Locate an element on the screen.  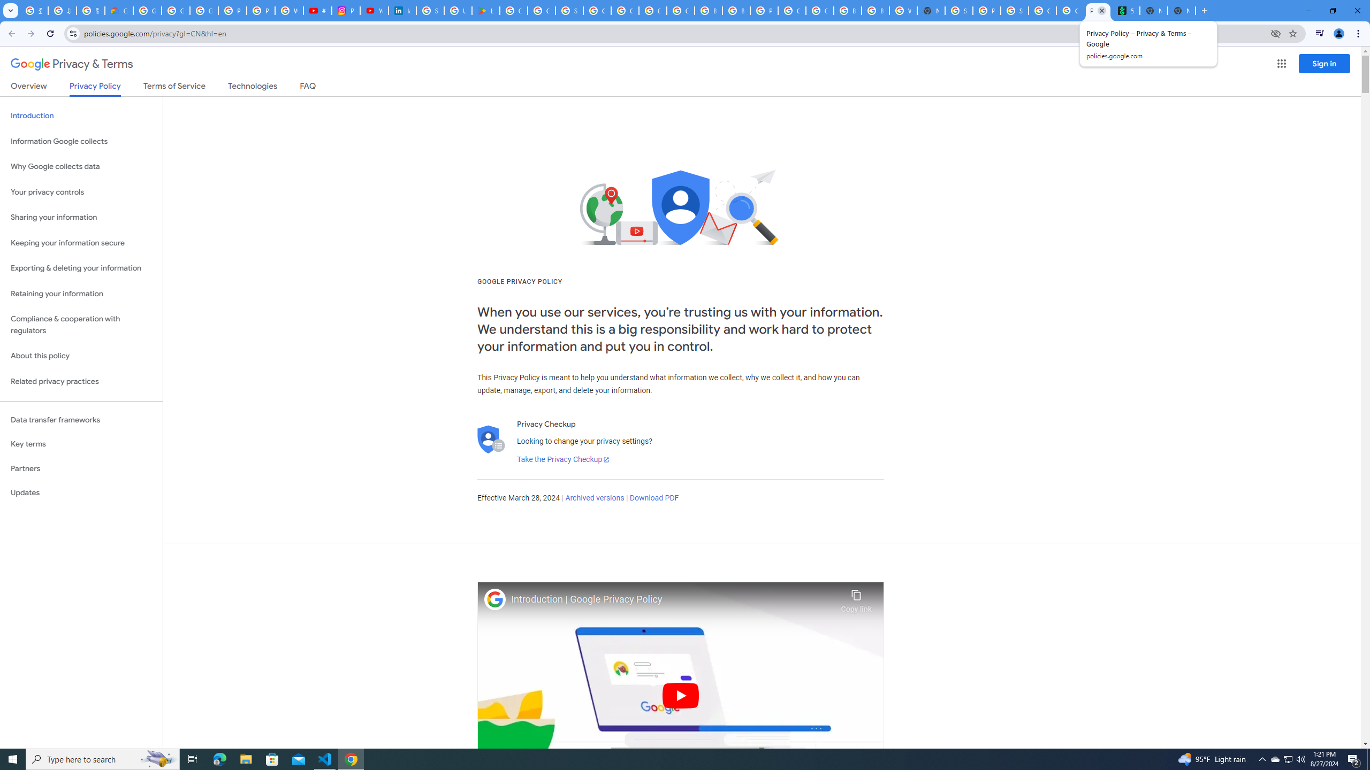
'Google Cloud Platform' is located at coordinates (820, 10).